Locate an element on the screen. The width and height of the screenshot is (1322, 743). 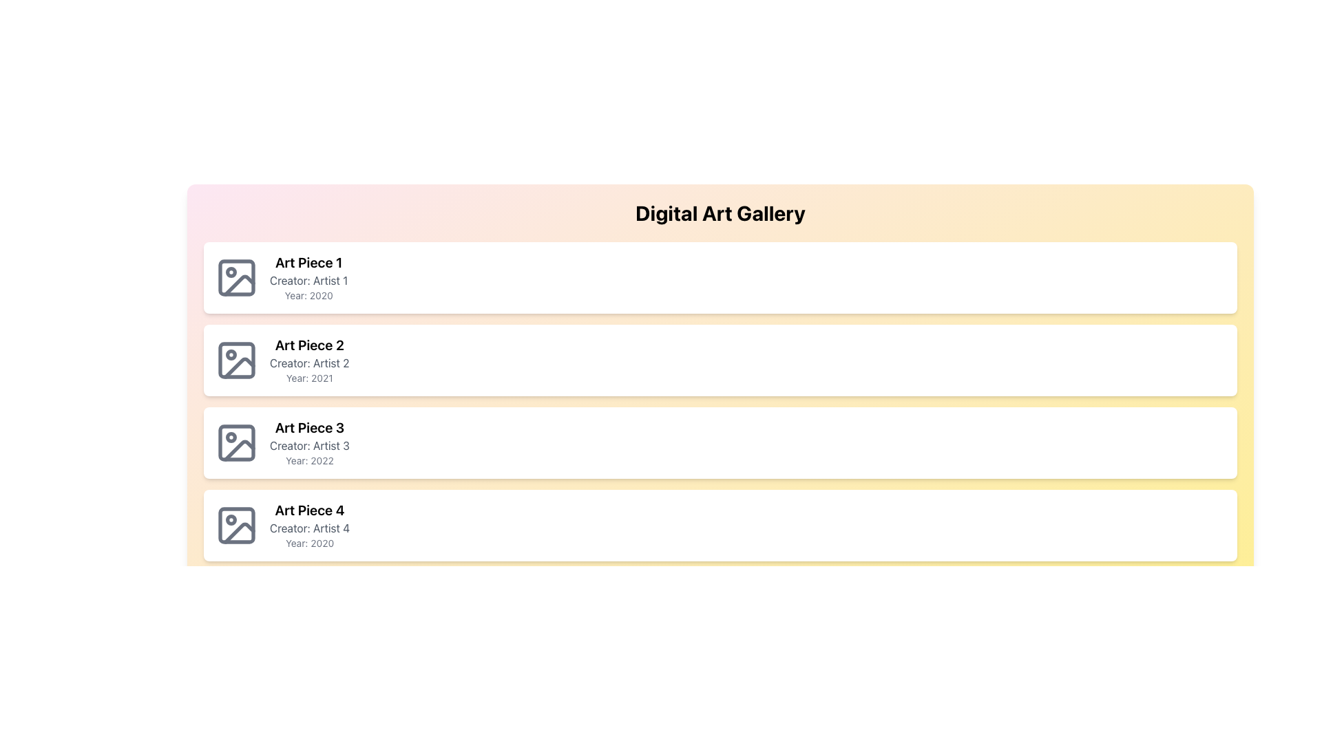
the text label element displaying 'Creator: Artist 1', which is styled in grey and located beneath 'Art Piece 1' and above 'Year: 2020' is located at coordinates (308, 280).